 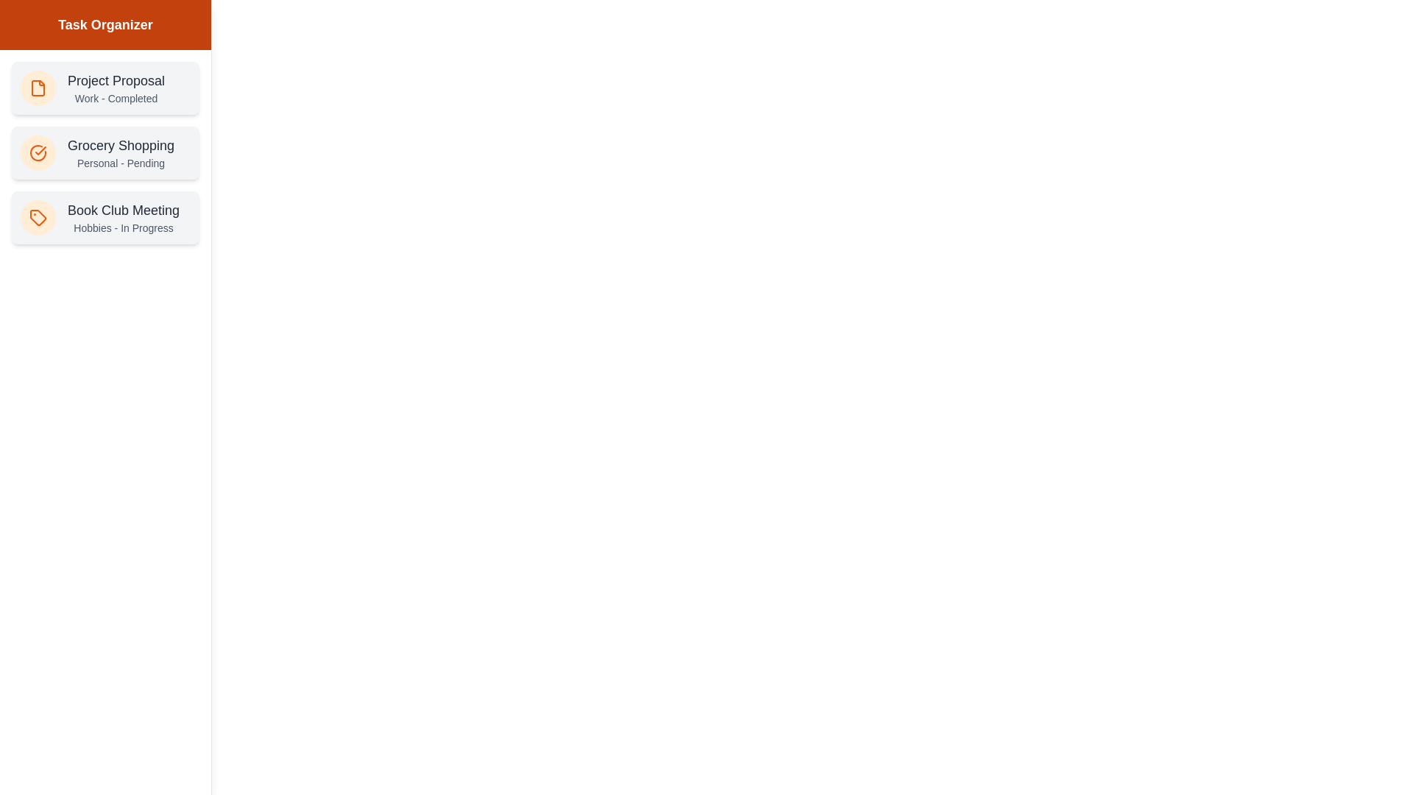 What do you see at coordinates (105, 88) in the screenshot?
I see `the task item Project Proposal from the list` at bounding box center [105, 88].